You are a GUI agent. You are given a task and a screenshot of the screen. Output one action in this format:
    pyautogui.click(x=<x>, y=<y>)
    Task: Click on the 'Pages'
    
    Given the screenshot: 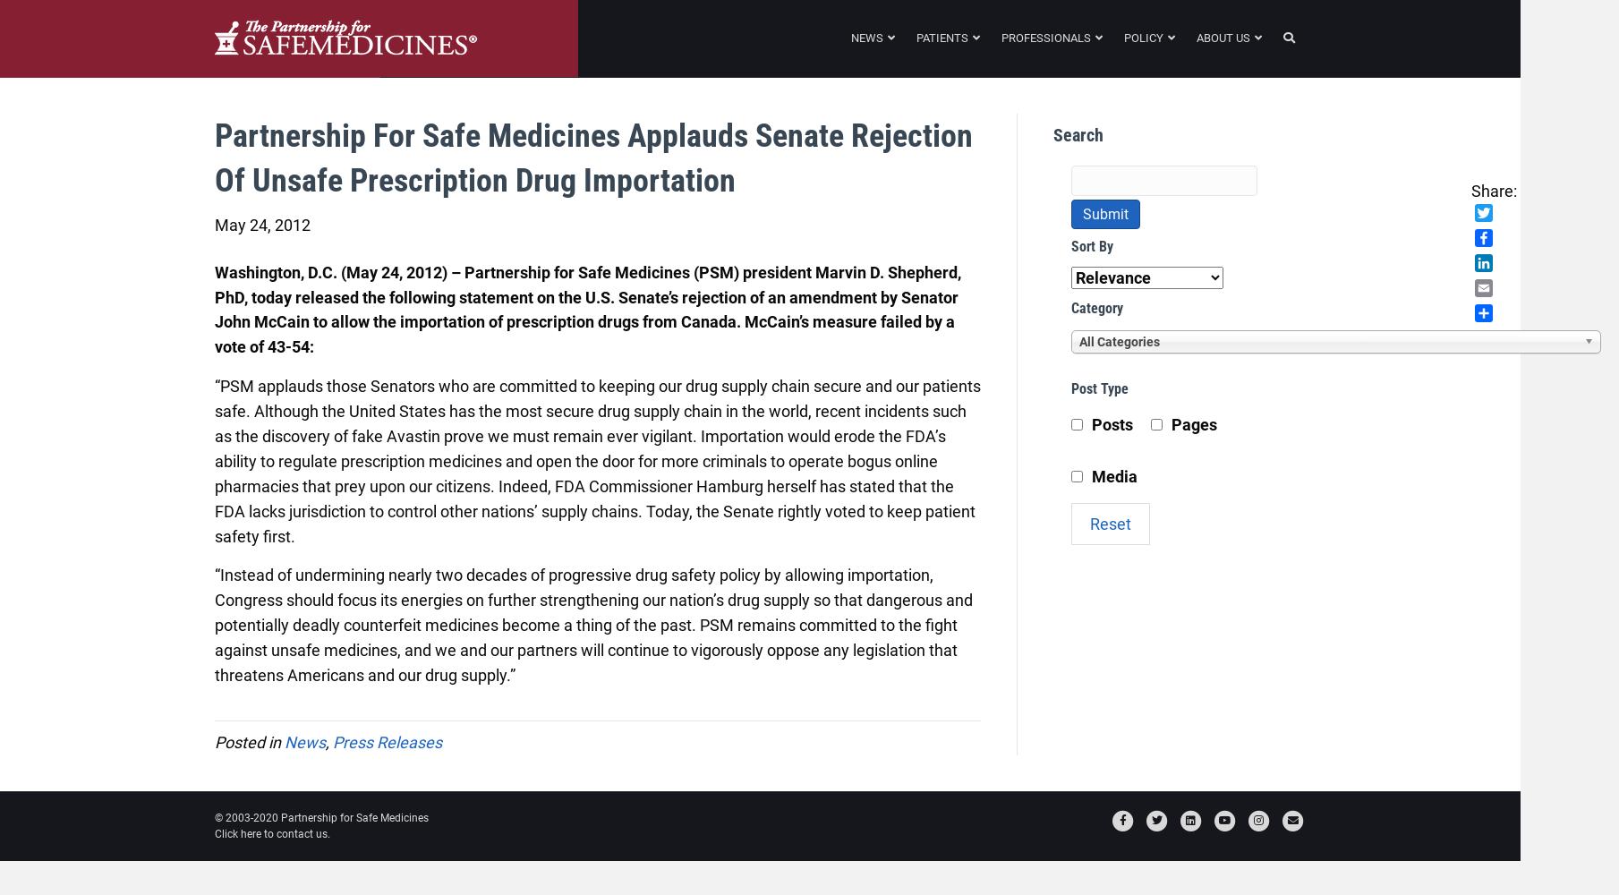 What is the action you would take?
    pyautogui.click(x=1170, y=423)
    